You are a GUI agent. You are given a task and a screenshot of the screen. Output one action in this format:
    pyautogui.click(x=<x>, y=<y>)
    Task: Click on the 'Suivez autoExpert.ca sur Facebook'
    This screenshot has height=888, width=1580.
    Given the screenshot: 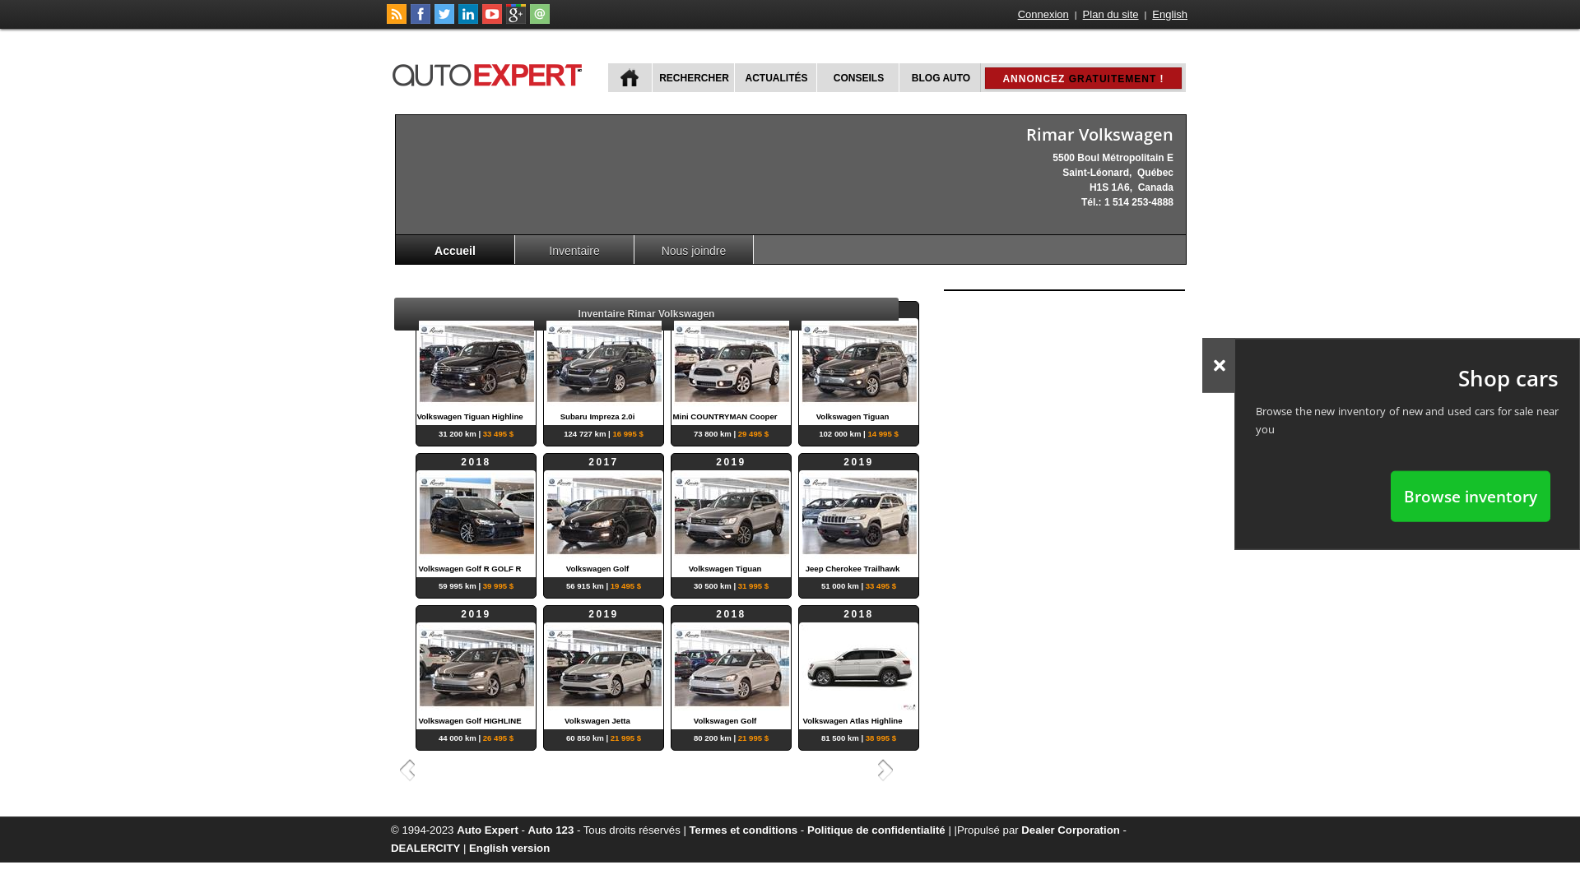 What is the action you would take?
    pyautogui.click(x=420, y=20)
    